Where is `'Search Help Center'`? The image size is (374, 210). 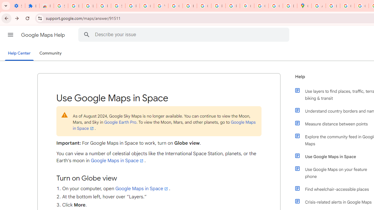 'Search Help Center' is located at coordinates (86, 34).